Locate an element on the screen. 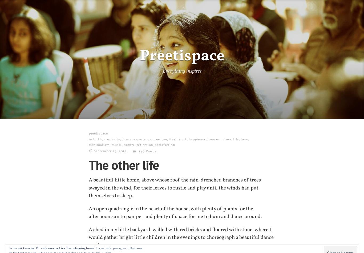  'satisfaction' is located at coordinates (165, 145).